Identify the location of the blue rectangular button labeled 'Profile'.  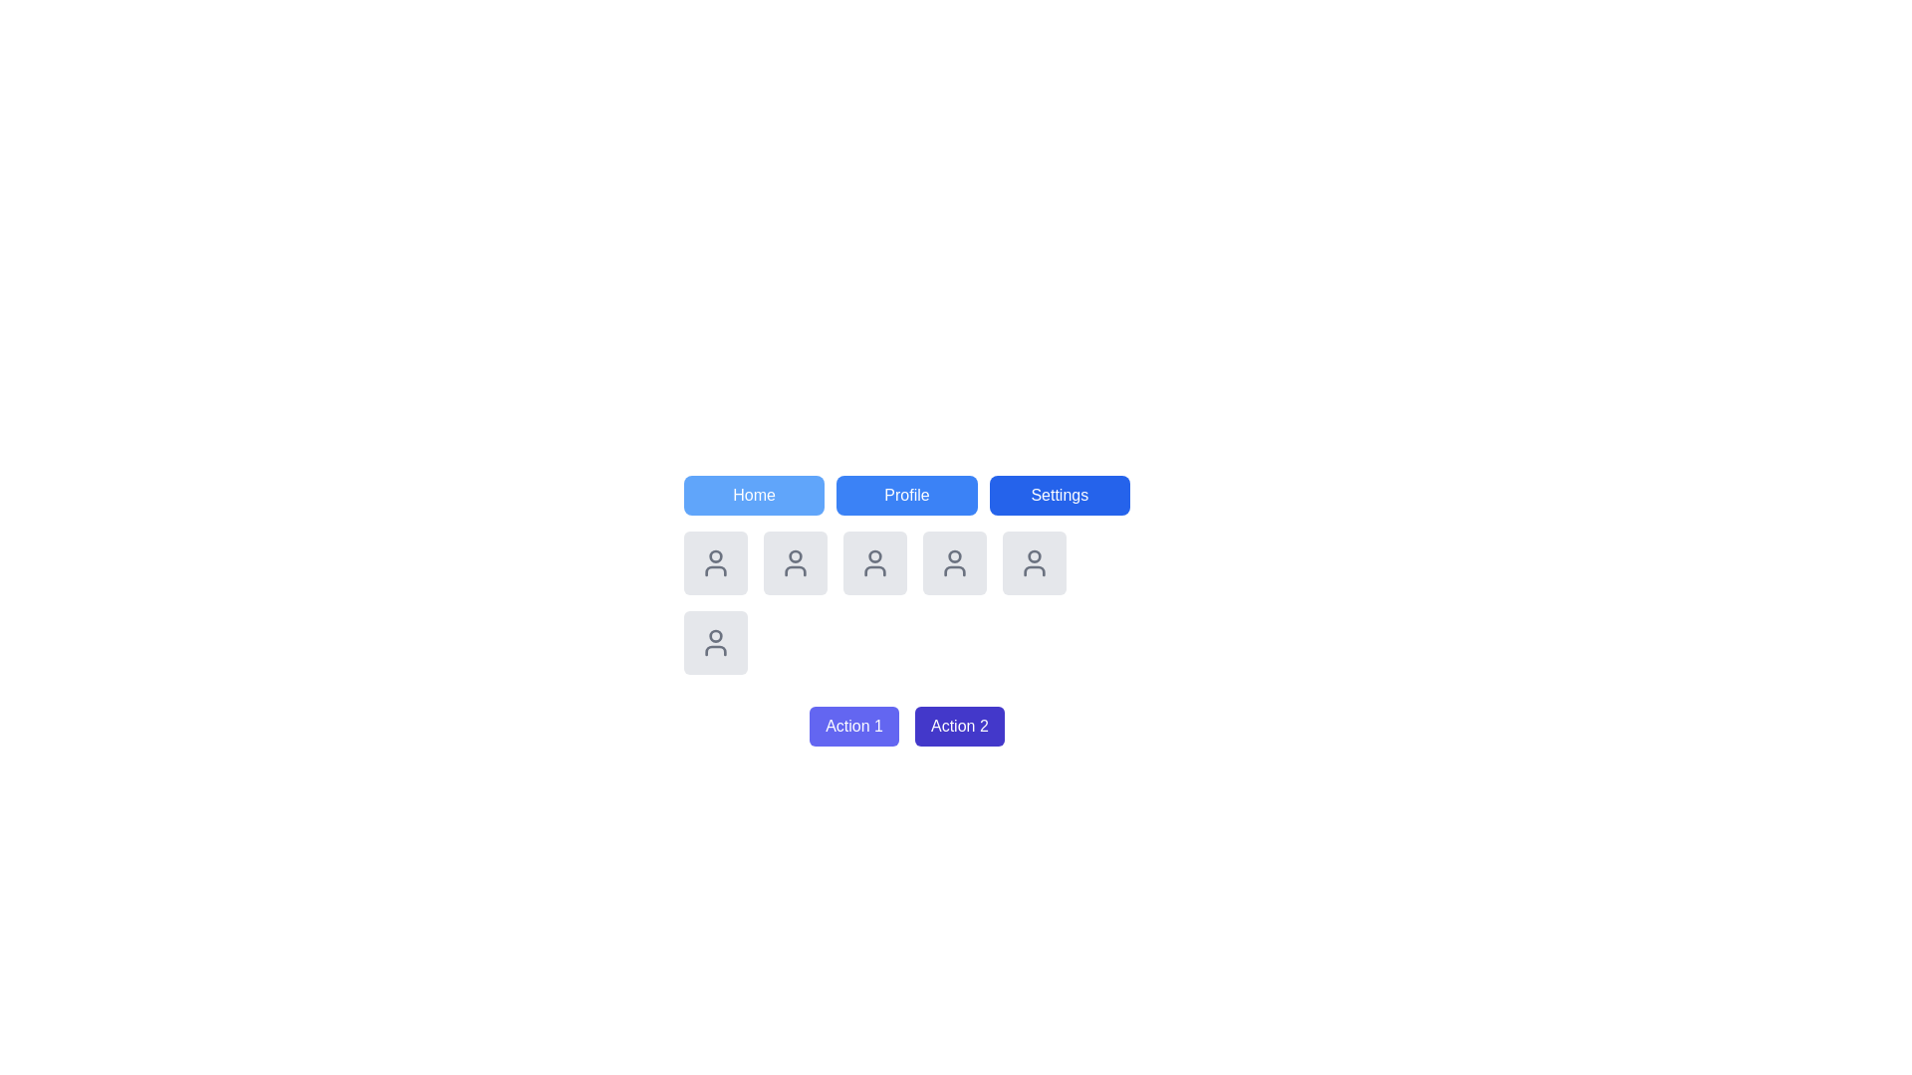
(906, 494).